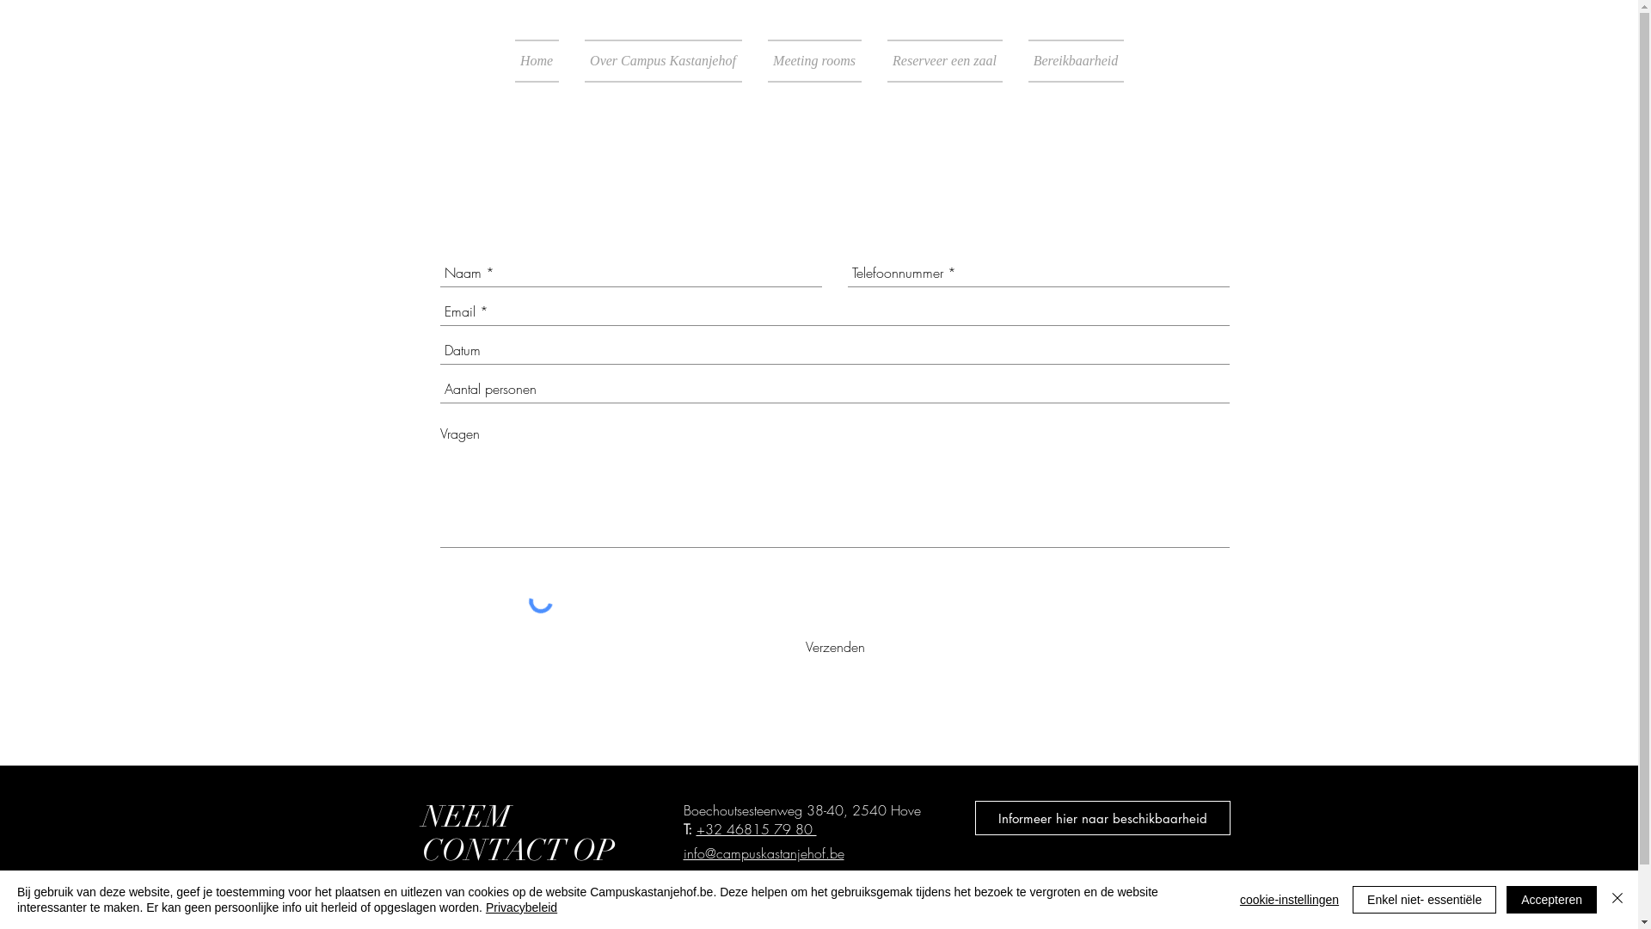 Image resolution: width=1651 pixels, height=929 pixels. What do you see at coordinates (520, 907) in the screenshot?
I see `'Privacybeleid'` at bounding box center [520, 907].